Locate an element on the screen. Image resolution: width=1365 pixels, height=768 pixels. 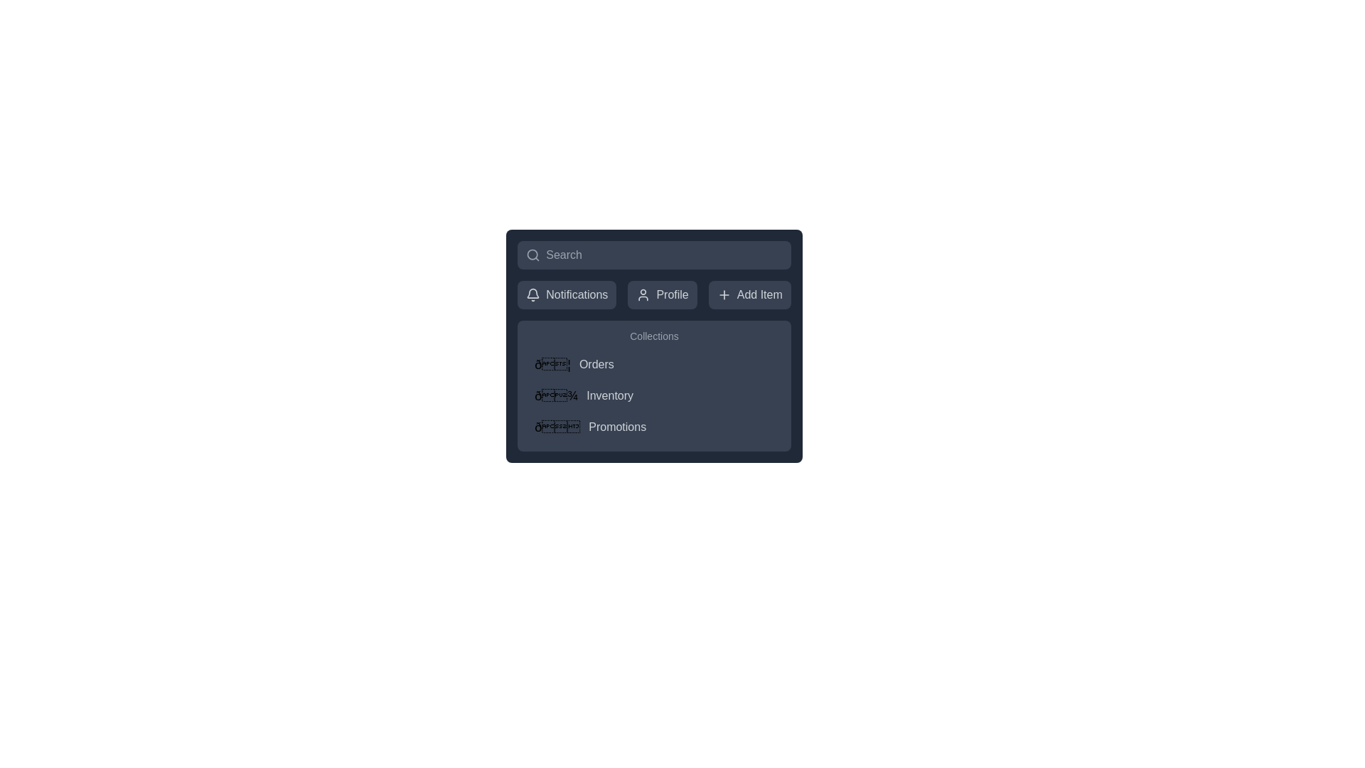
the decorative bell icon located within the notification button at the top-left corner of the interface, indicating its purpose in the notification system is located at coordinates (532, 292).